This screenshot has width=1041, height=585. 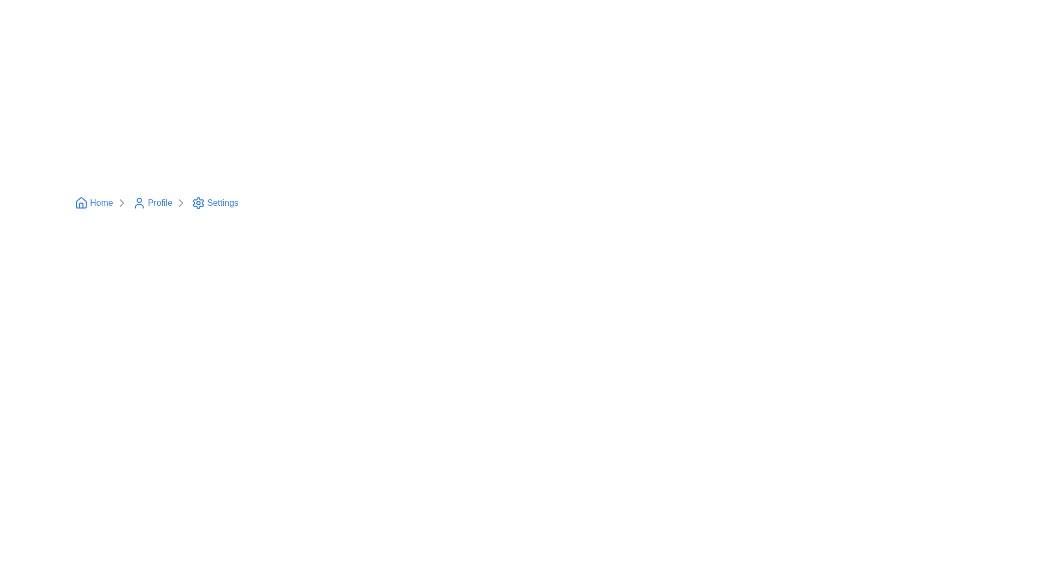 I want to click on the clickable label adjacent to the house icon, so click(x=101, y=203).